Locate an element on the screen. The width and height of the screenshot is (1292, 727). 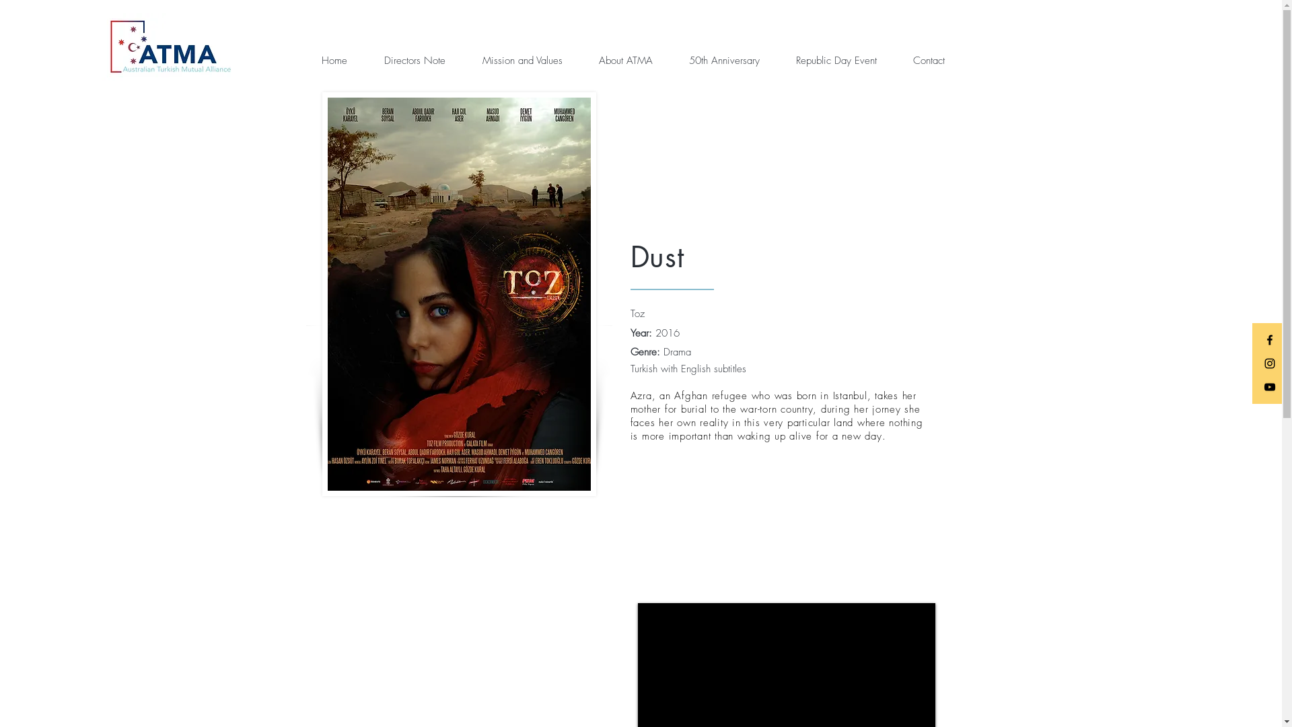
'Directors Note' is located at coordinates (422, 59).